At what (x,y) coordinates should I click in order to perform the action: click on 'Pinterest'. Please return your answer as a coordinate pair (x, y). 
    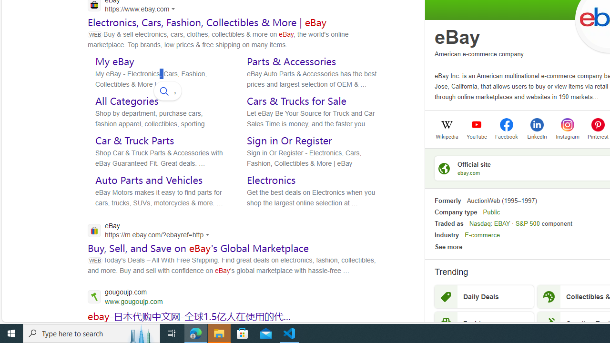
    Looking at the image, I should click on (598, 124).